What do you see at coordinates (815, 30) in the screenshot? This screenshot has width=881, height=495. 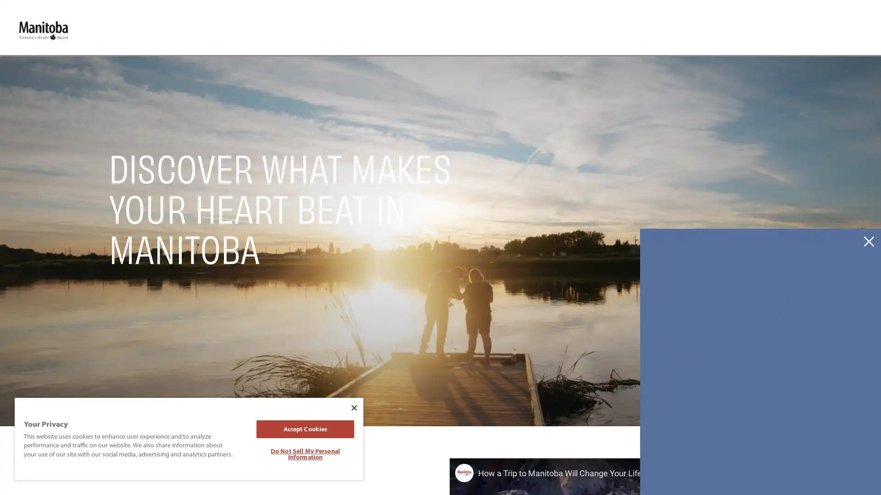 I see `Site Search` at bounding box center [815, 30].